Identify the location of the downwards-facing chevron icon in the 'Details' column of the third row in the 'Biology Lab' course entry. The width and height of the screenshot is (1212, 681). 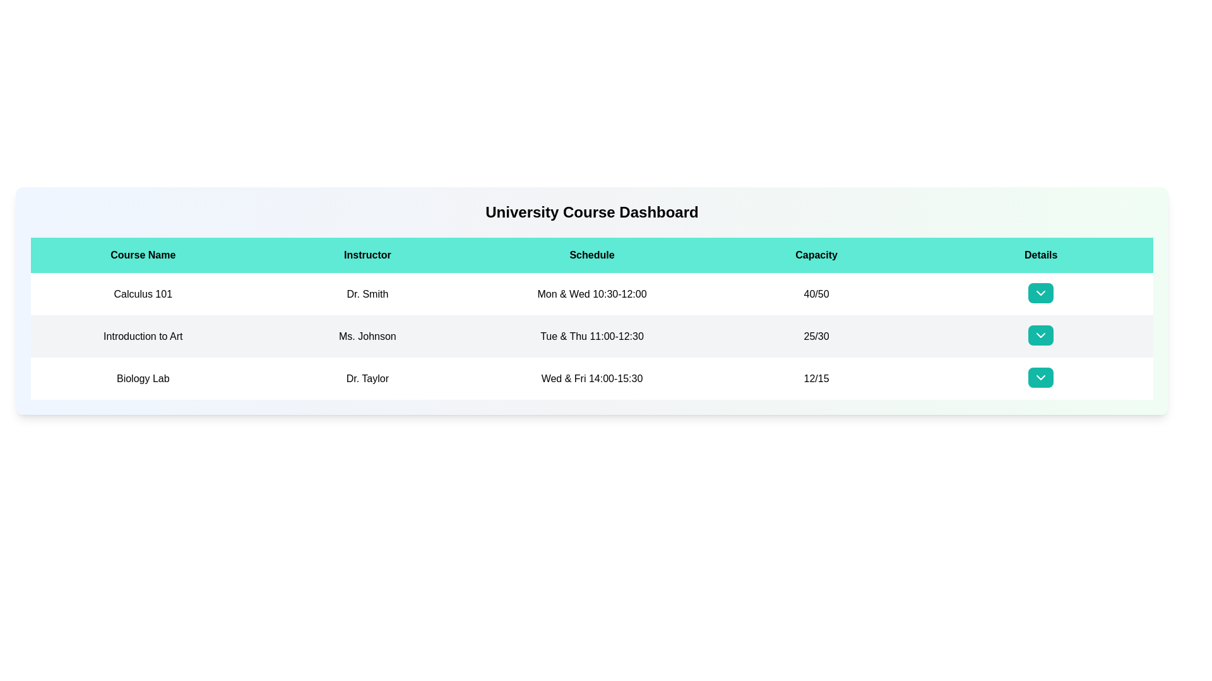
(1041, 376).